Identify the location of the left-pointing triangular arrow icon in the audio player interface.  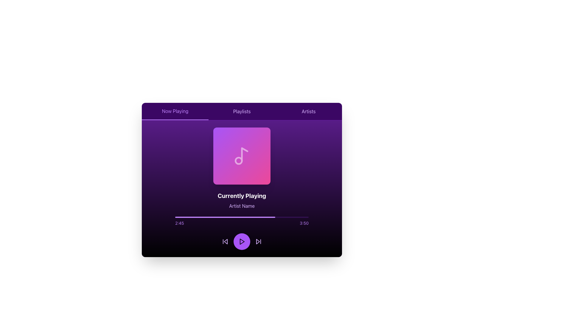
(226, 242).